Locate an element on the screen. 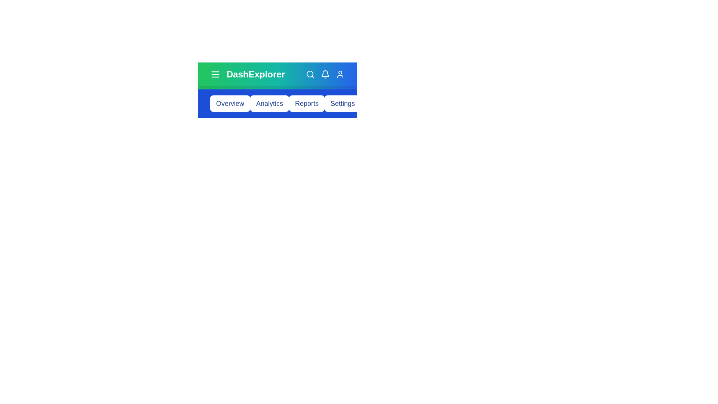  the Search icon in the header is located at coordinates (310, 74).